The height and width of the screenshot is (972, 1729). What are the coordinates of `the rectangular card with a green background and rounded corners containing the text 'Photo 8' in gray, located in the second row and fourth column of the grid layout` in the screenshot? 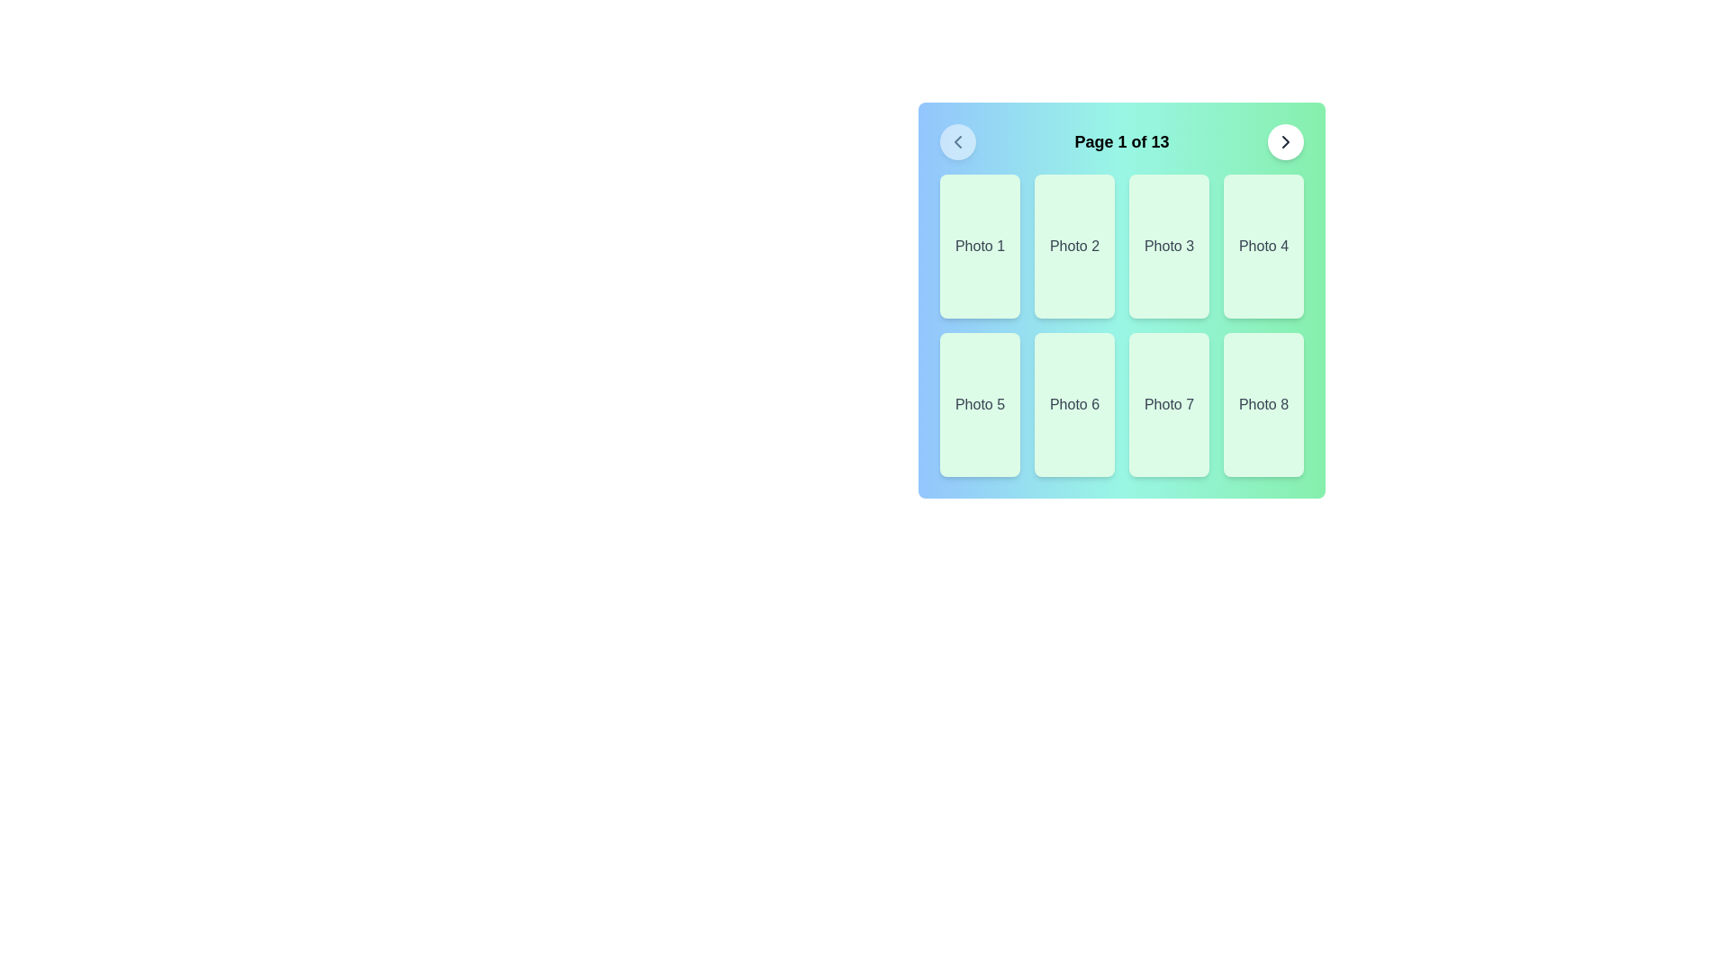 It's located at (1263, 405).